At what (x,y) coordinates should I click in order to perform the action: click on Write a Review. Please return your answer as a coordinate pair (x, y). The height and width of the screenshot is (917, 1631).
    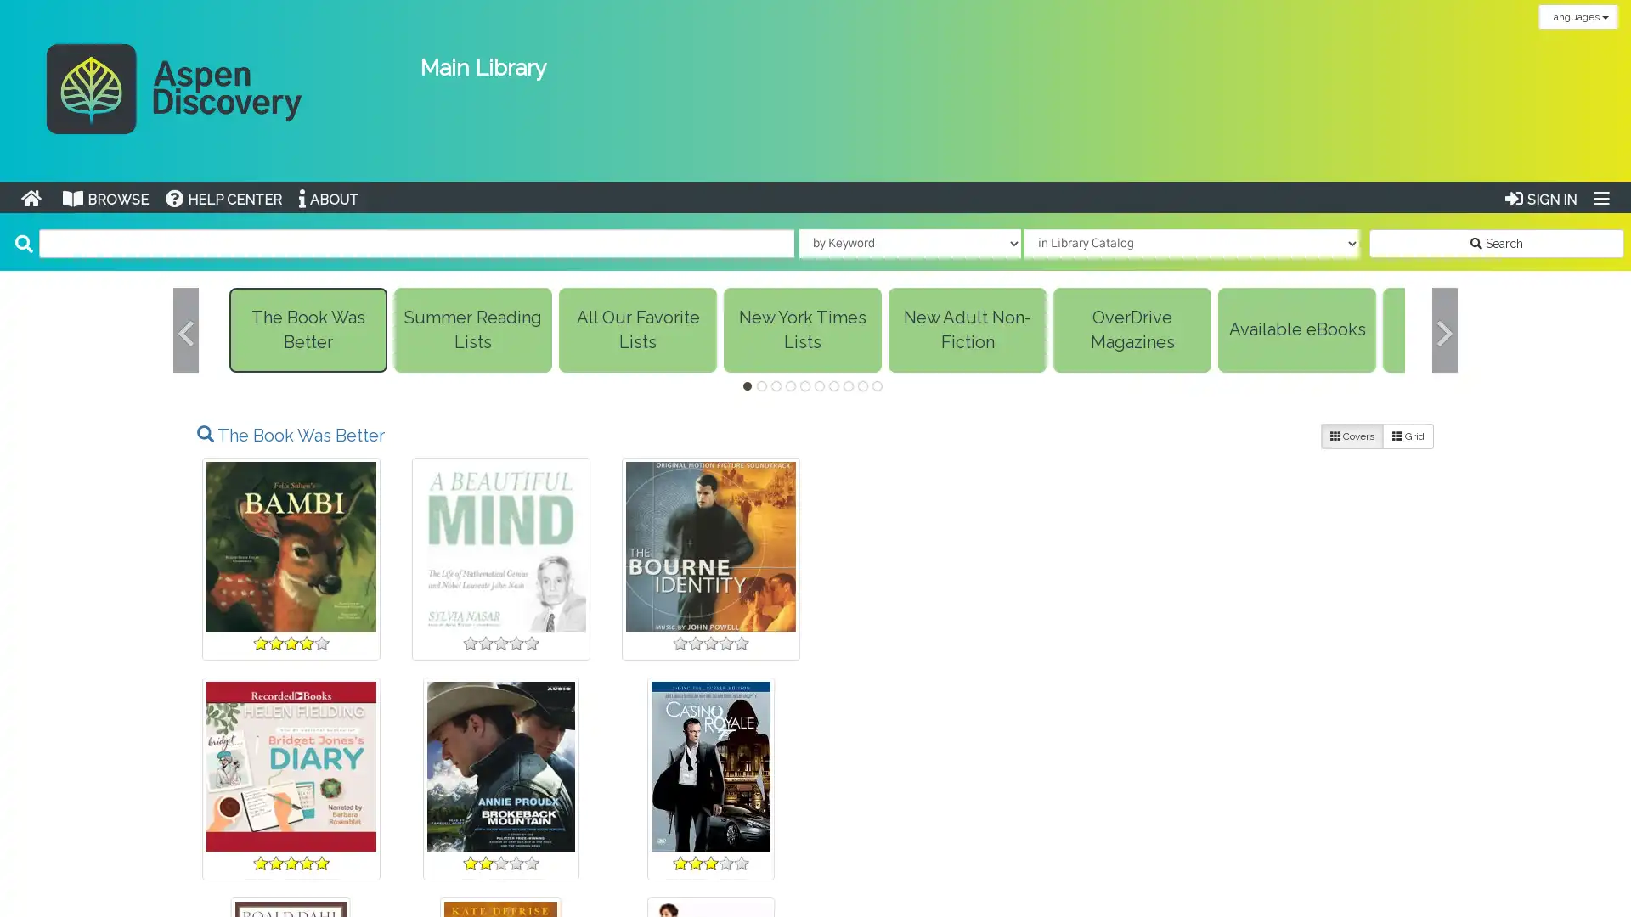
    Looking at the image, I should click on (1129, 864).